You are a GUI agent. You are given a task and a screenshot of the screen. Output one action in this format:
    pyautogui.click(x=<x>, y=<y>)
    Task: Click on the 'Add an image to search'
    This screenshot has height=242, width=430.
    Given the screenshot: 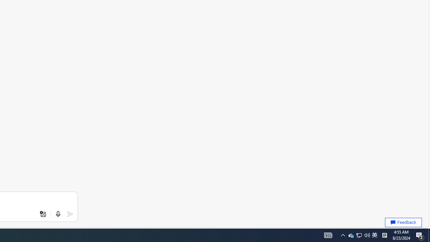 What is the action you would take?
    pyautogui.click(x=43, y=214)
    